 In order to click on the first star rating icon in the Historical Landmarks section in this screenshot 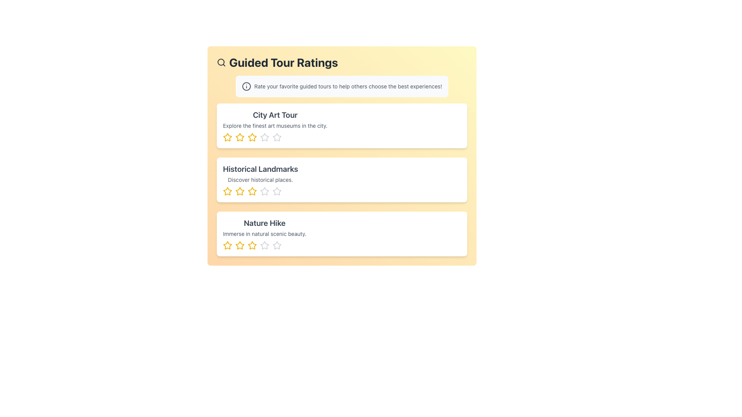, I will do `click(227, 191)`.